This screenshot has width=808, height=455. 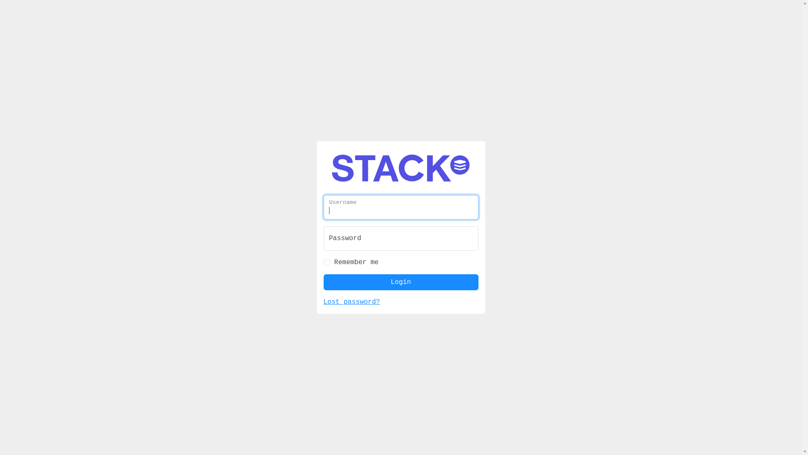 I want to click on 'Login', so click(x=400, y=268).